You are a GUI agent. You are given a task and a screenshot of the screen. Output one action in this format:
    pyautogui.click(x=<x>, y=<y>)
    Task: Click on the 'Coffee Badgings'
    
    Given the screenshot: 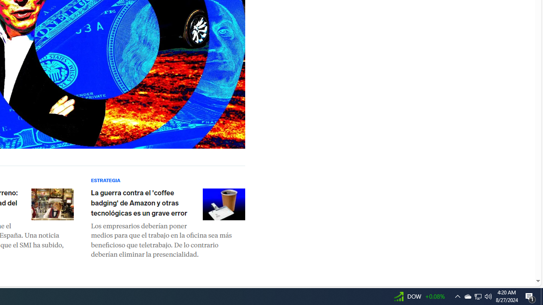 What is the action you would take?
    pyautogui.click(x=224, y=204)
    